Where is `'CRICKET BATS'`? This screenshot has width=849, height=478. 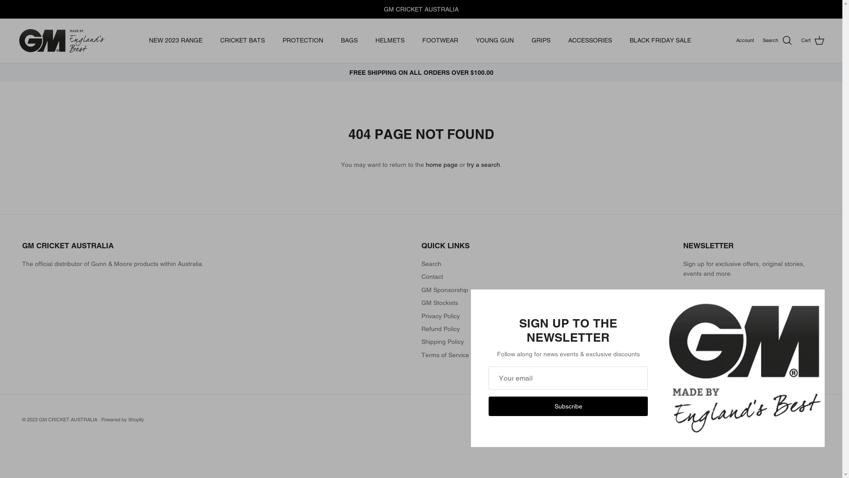 'CRICKET BATS' is located at coordinates (242, 40).